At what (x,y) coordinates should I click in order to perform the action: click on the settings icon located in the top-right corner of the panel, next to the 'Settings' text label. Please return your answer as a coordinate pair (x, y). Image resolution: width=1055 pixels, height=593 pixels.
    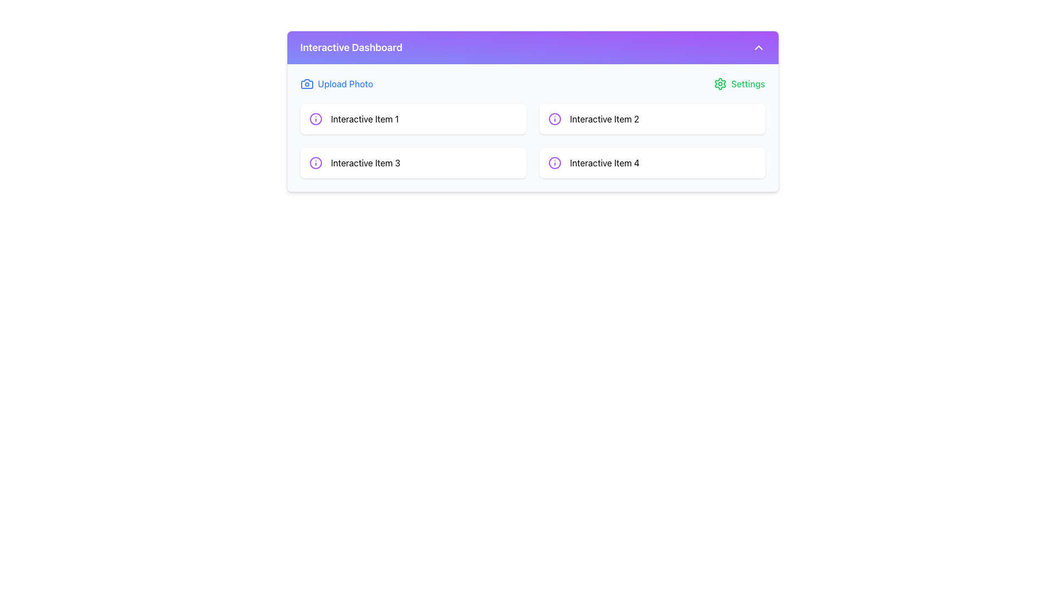
    Looking at the image, I should click on (720, 83).